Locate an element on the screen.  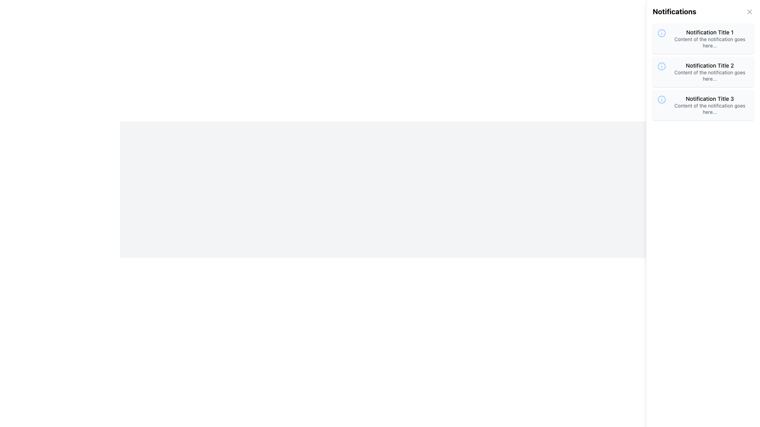
the circular blue outlined information icon located to the left of the 'Notification Title 3' text in the third notification item of the notification panel is located at coordinates (661, 99).